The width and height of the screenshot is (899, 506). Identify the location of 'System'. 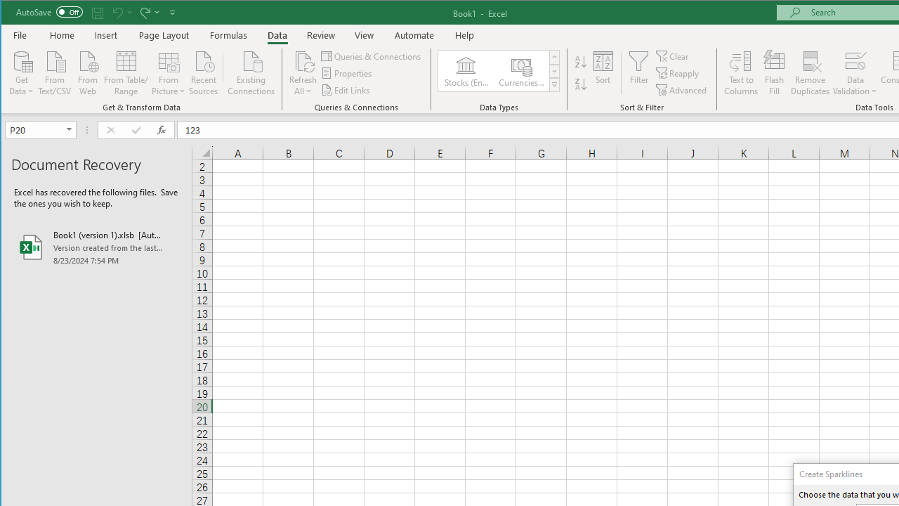
(13, 13).